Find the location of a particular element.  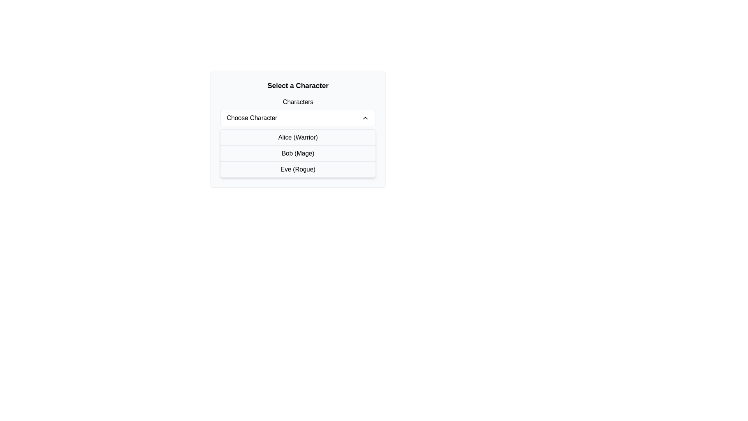

the text label that displays 'Eve (Rogue)' located under the 'Select a Character' section in the dropdown menu is located at coordinates (297, 169).